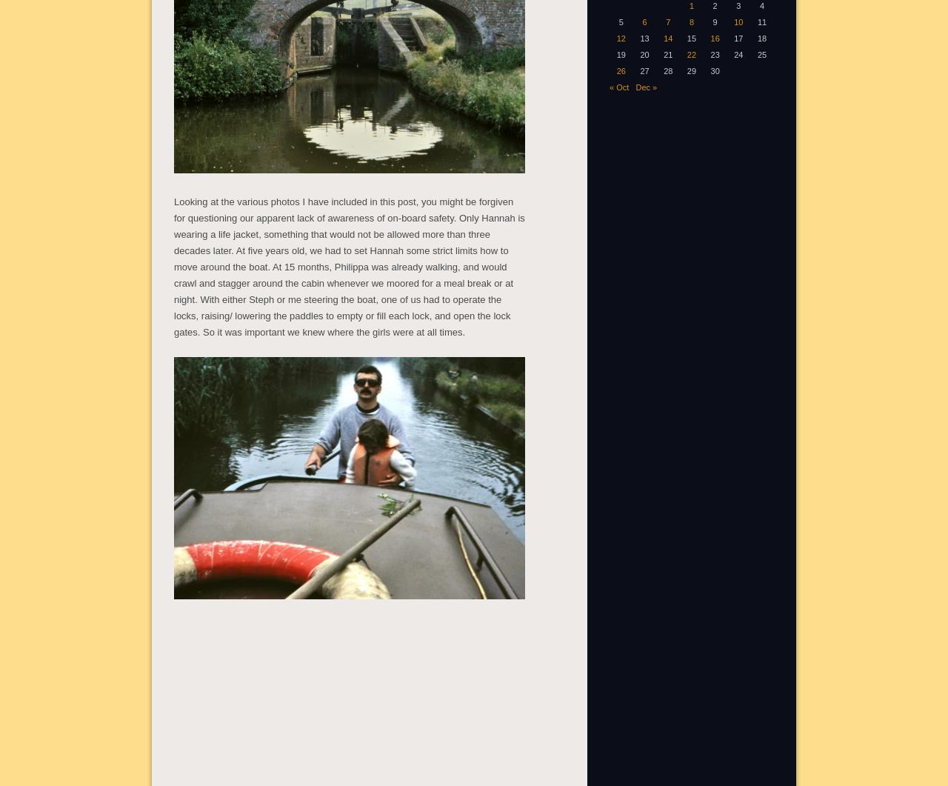 The width and height of the screenshot is (948, 786). Describe the element at coordinates (690, 5) in the screenshot. I see `'1'` at that location.